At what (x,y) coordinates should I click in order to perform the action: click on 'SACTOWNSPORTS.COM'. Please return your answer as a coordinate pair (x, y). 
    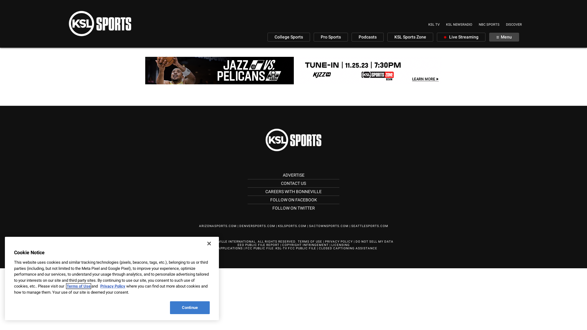
    Looking at the image, I should click on (328, 226).